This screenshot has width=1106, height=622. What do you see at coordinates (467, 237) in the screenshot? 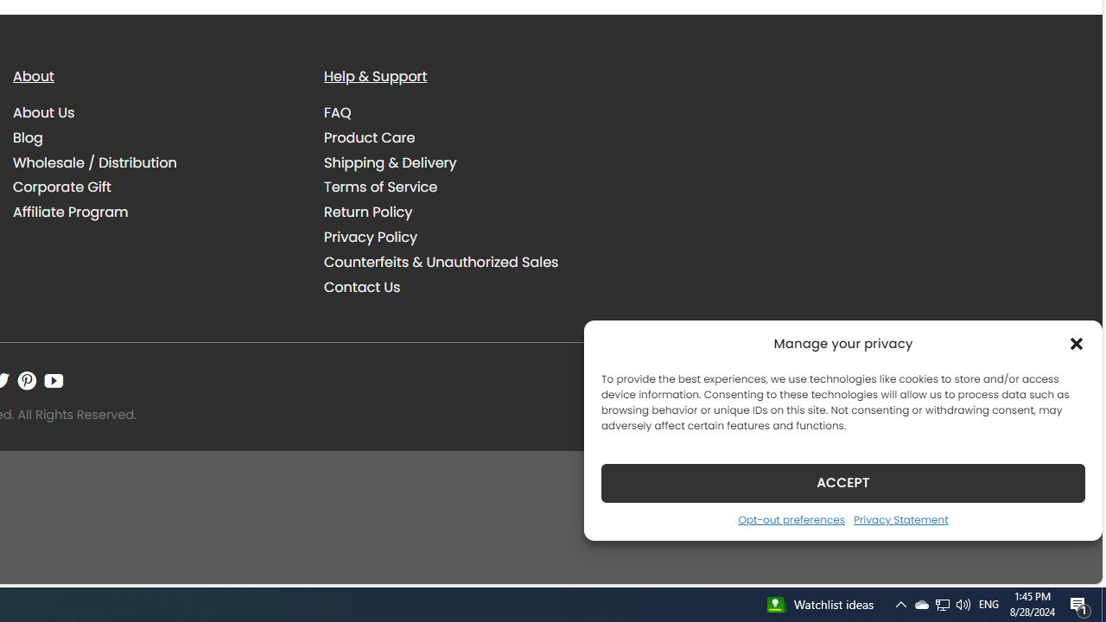
I see `'Privacy Policy'` at bounding box center [467, 237].